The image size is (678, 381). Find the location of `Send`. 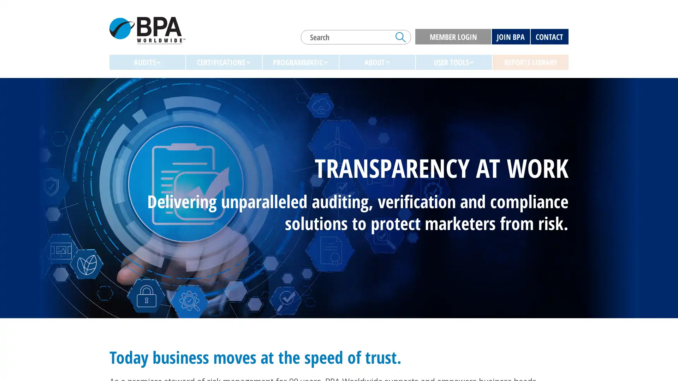

Send is located at coordinates (400, 37).